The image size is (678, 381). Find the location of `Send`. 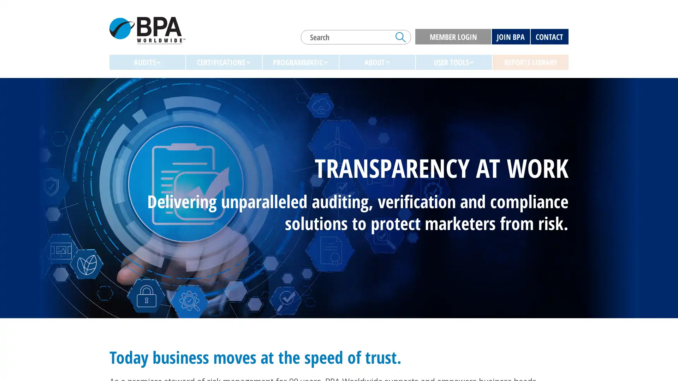

Send is located at coordinates (400, 37).